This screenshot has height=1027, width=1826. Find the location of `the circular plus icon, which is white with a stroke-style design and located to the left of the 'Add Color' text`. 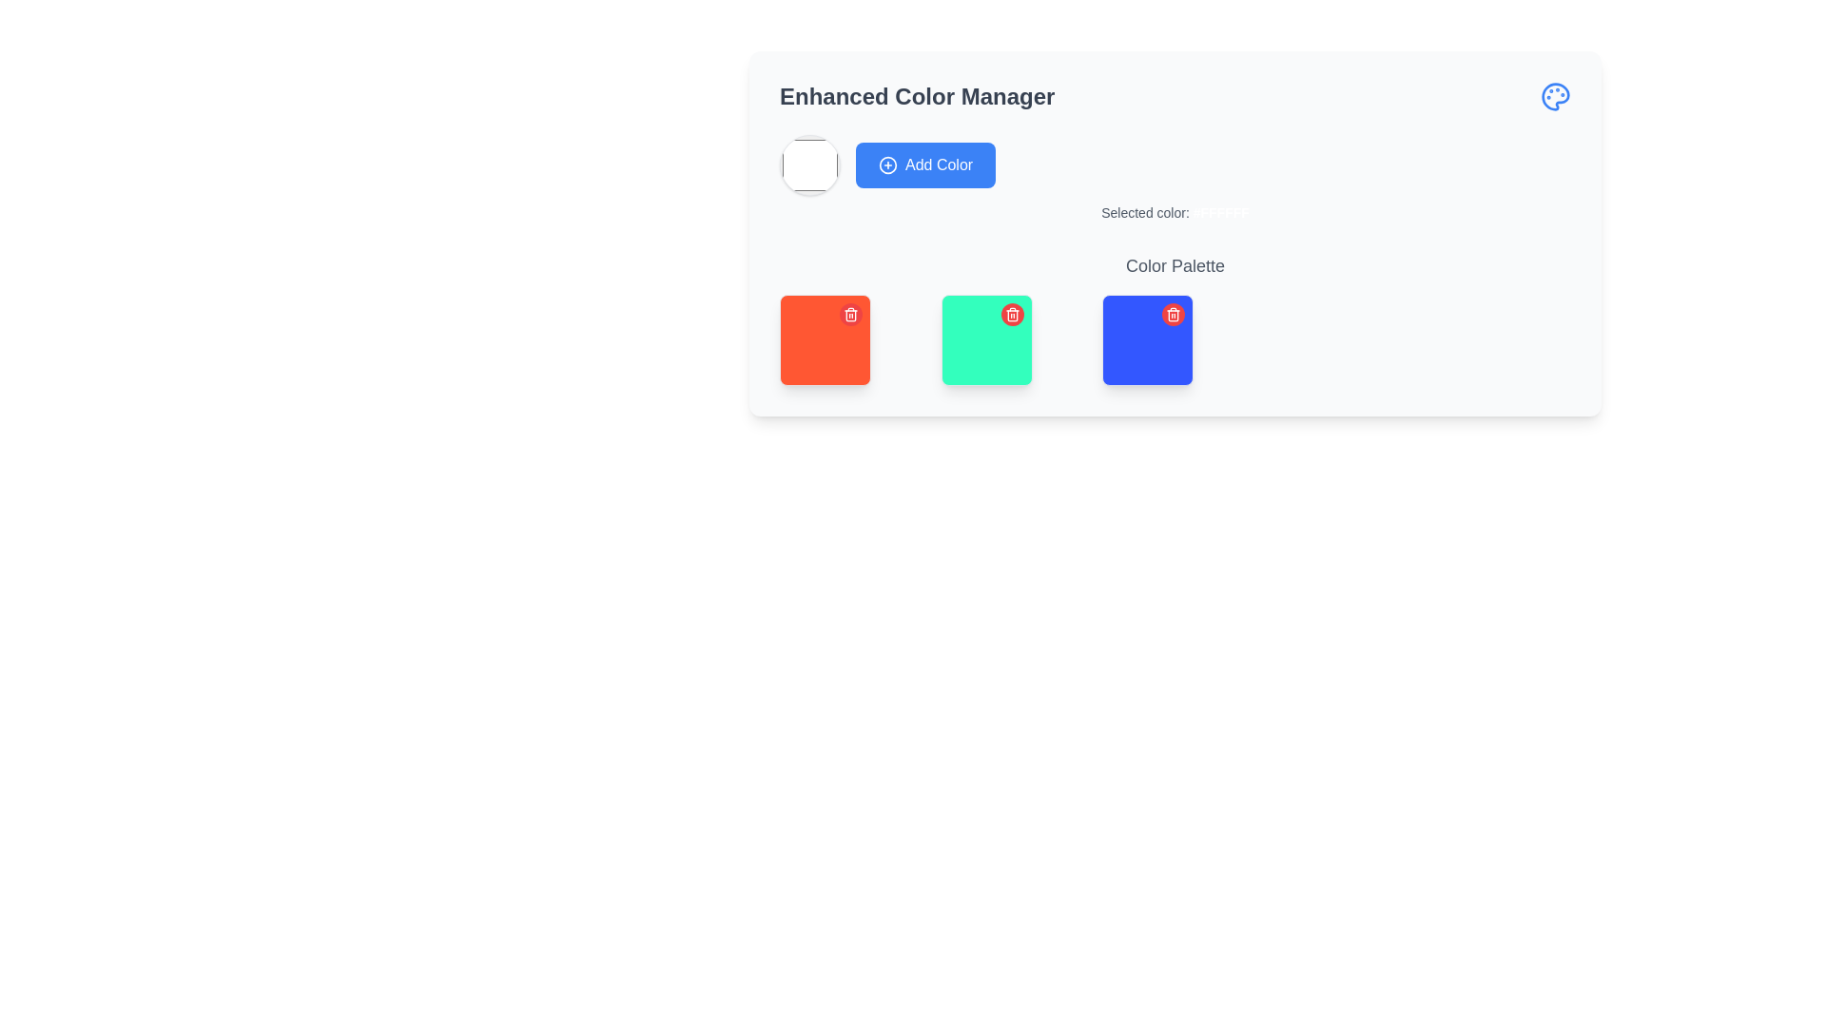

the circular plus icon, which is white with a stroke-style design and located to the left of the 'Add Color' text is located at coordinates (887, 164).